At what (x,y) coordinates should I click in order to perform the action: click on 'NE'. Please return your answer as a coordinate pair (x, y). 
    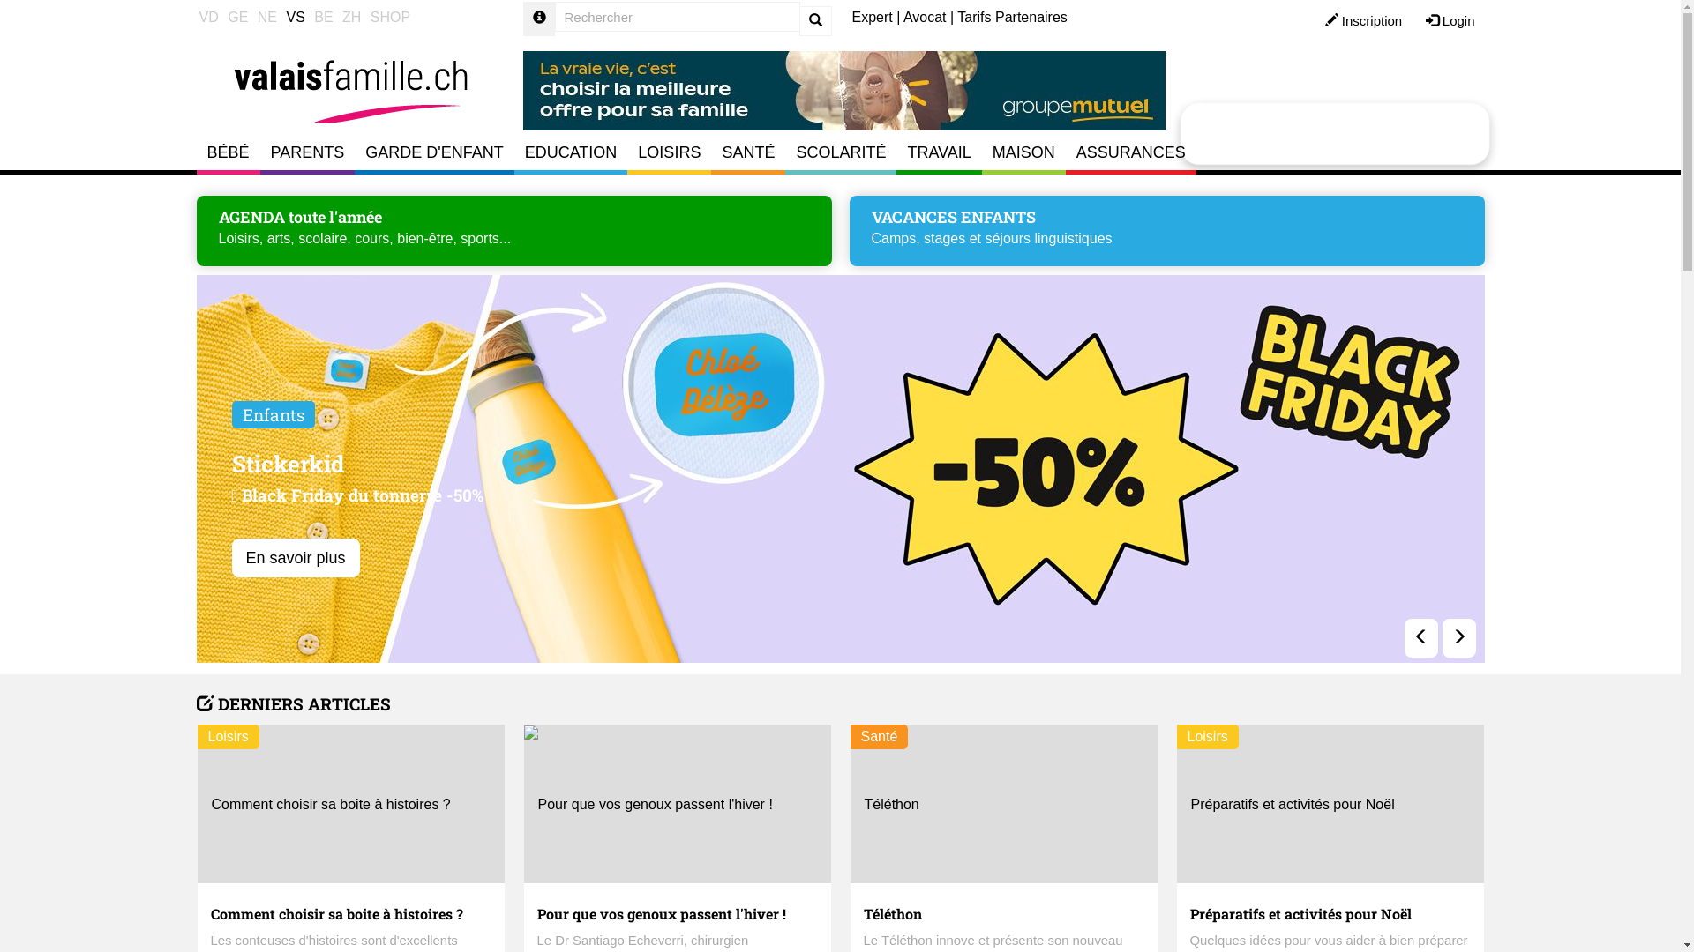
    Looking at the image, I should click on (266, 18).